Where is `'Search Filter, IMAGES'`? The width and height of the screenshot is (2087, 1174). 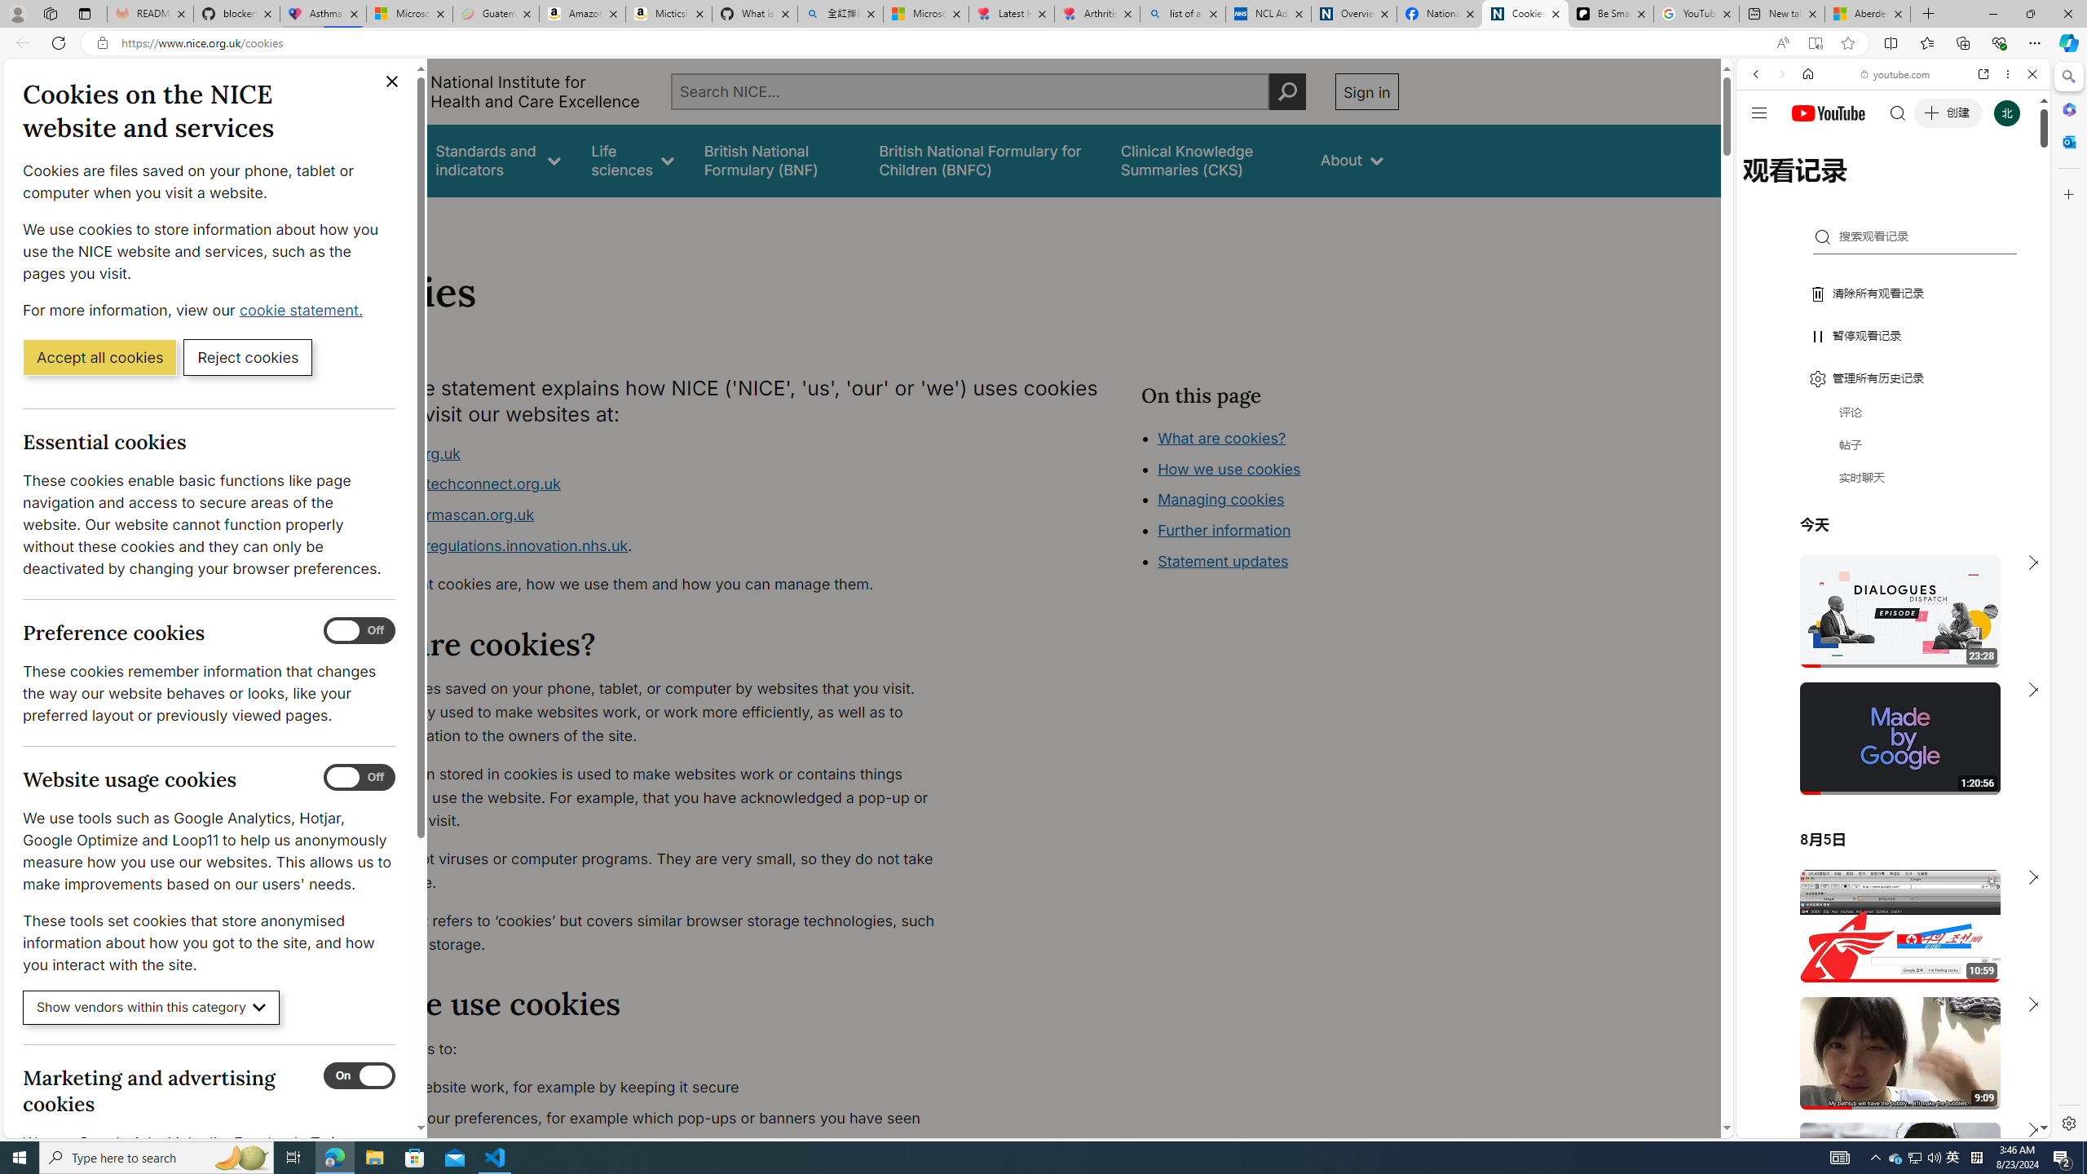
'Search Filter, IMAGES' is located at coordinates (1809, 185).